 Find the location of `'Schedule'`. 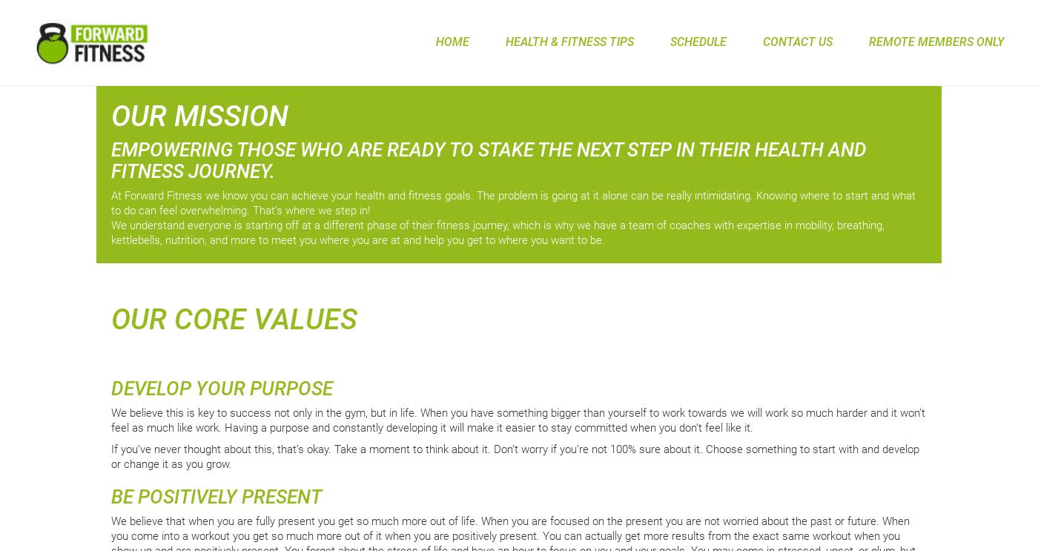

'Schedule' is located at coordinates (698, 41).